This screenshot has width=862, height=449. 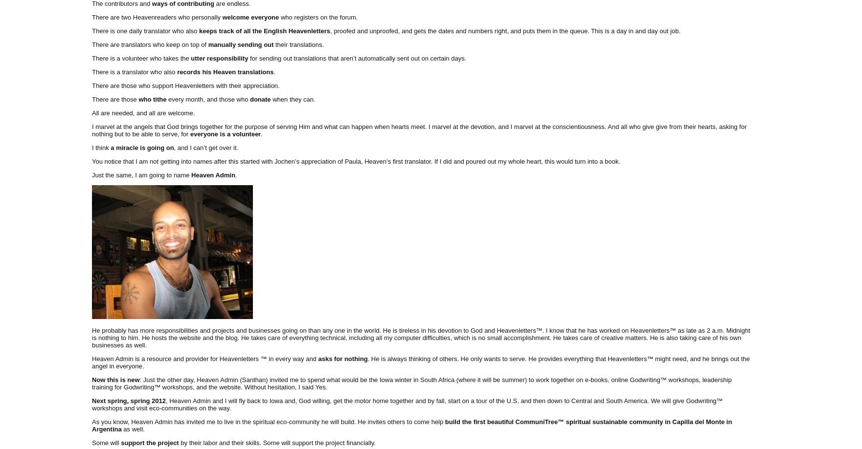 I want to click on 'for sending out translations that aren’t automatically sent out on certain days.', so click(x=356, y=57).